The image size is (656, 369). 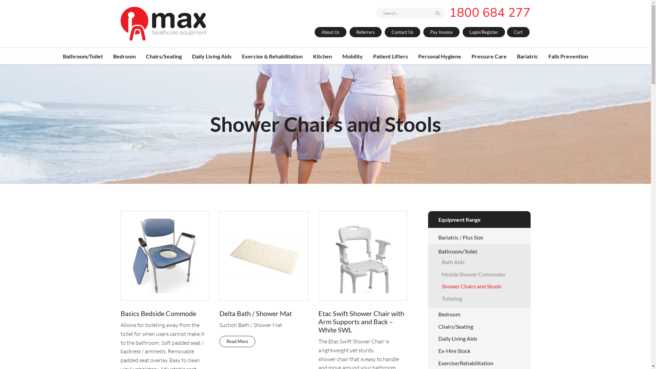 I want to click on 'Bathroom/Toilet', so click(x=457, y=251).